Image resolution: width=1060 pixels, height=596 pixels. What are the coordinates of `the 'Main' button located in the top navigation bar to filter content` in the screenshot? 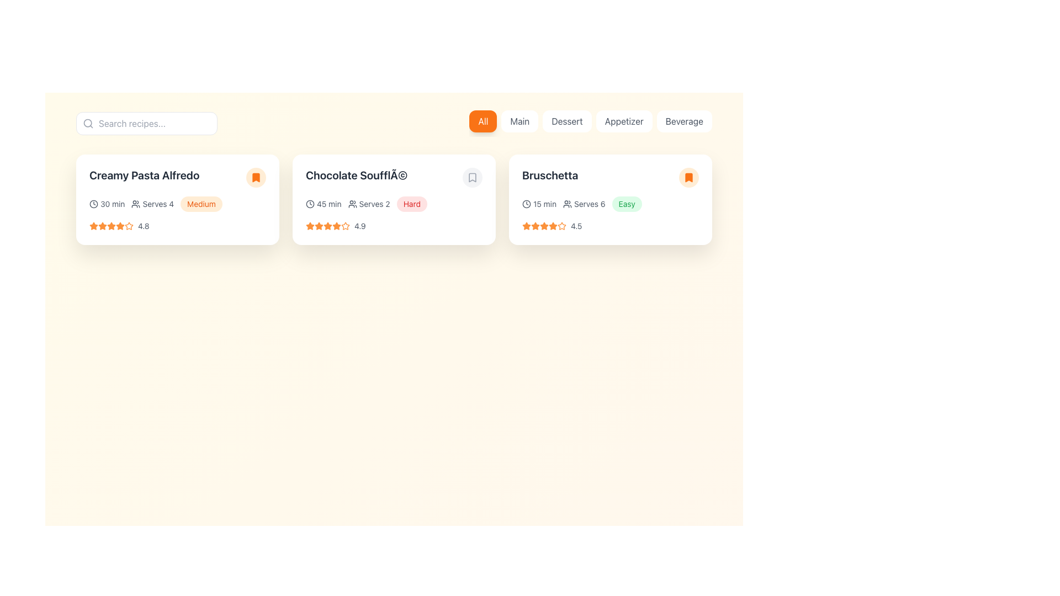 It's located at (519, 121).